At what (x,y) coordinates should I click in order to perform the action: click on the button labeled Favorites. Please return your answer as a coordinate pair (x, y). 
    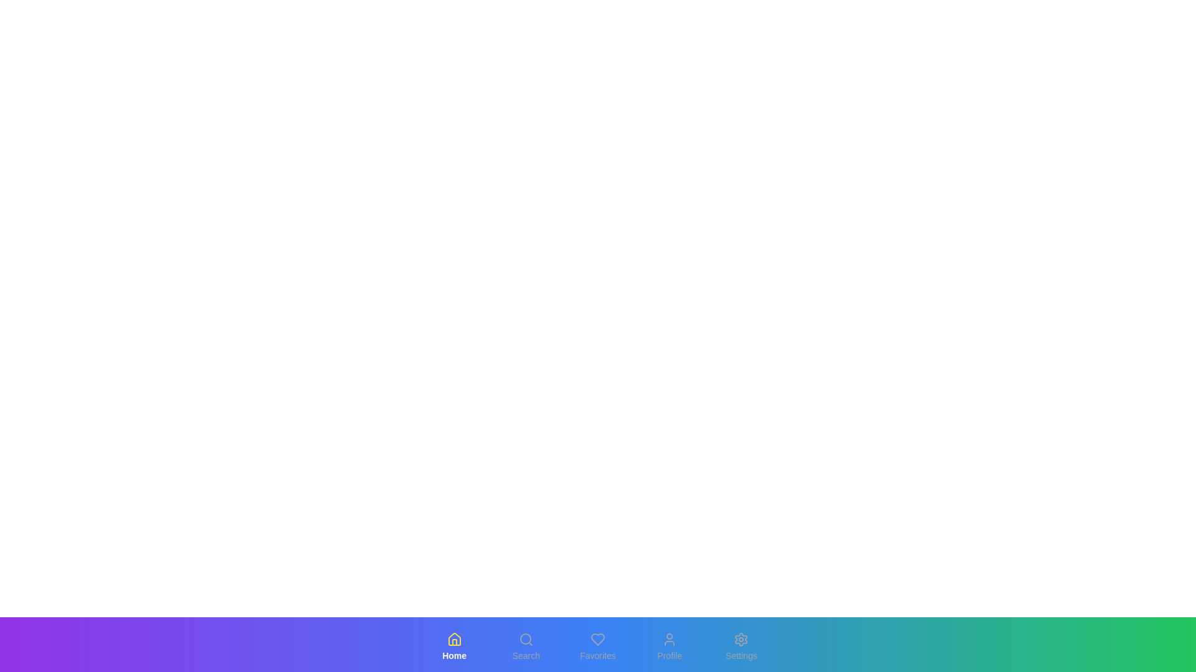
    Looking at the image, I should click on (598, 646).